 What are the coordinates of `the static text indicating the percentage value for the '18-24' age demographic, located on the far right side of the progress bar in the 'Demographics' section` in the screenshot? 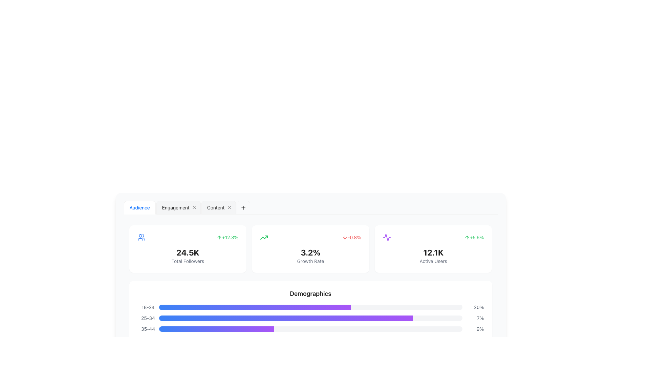 It's located at (473, 307).